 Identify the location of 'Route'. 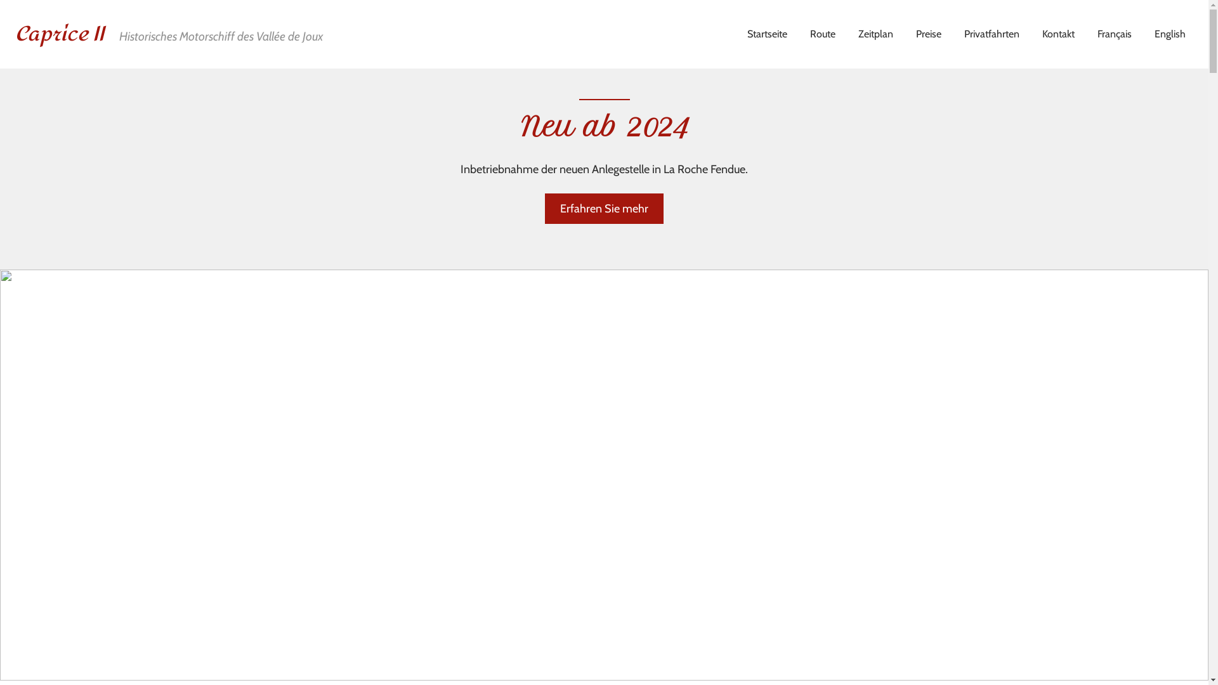
(822, 34).